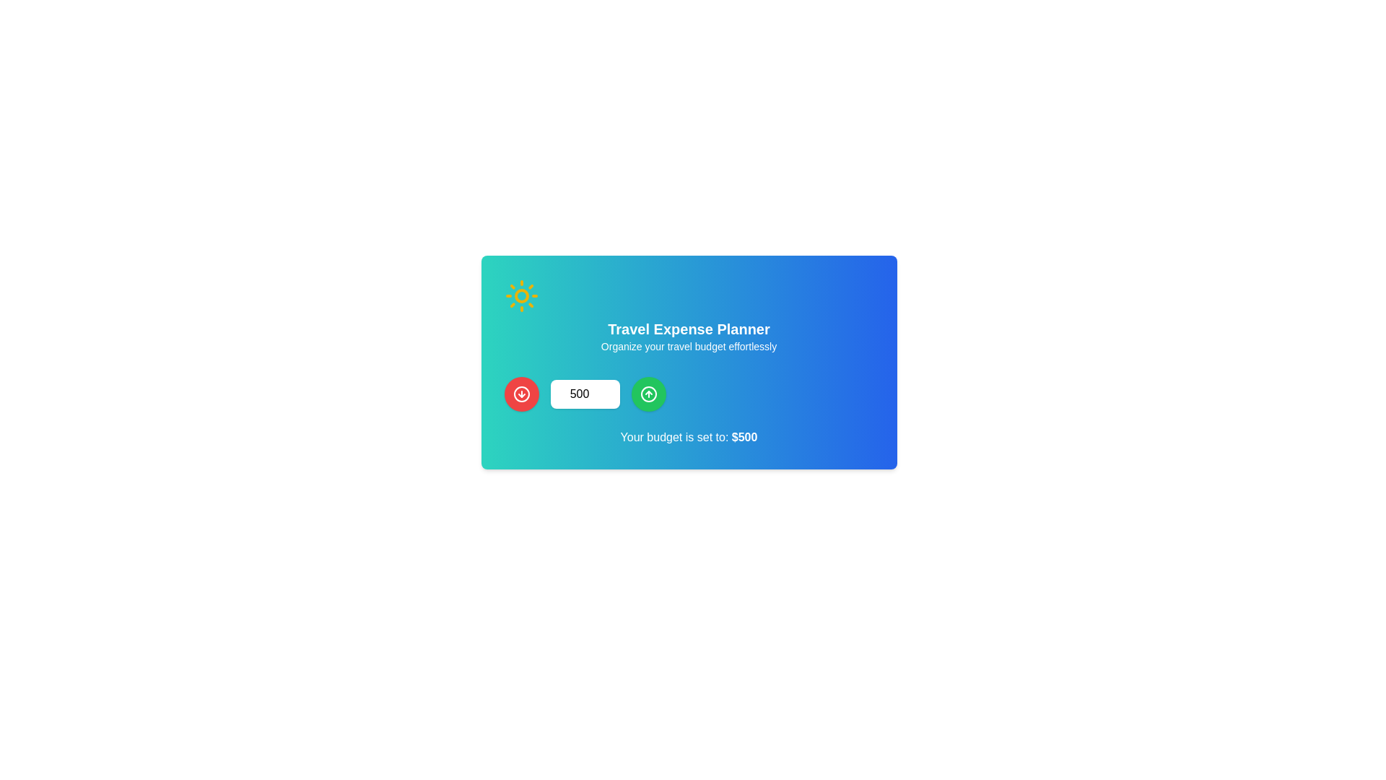 The height and width of the screenshot is (780, 1386). Describe the element at coordinates (520, 394) in the screenshot. I see `the circular red button with a white downward arrow located in the lower-left corner to decrease the value in the input field labeled '500'` at that location.